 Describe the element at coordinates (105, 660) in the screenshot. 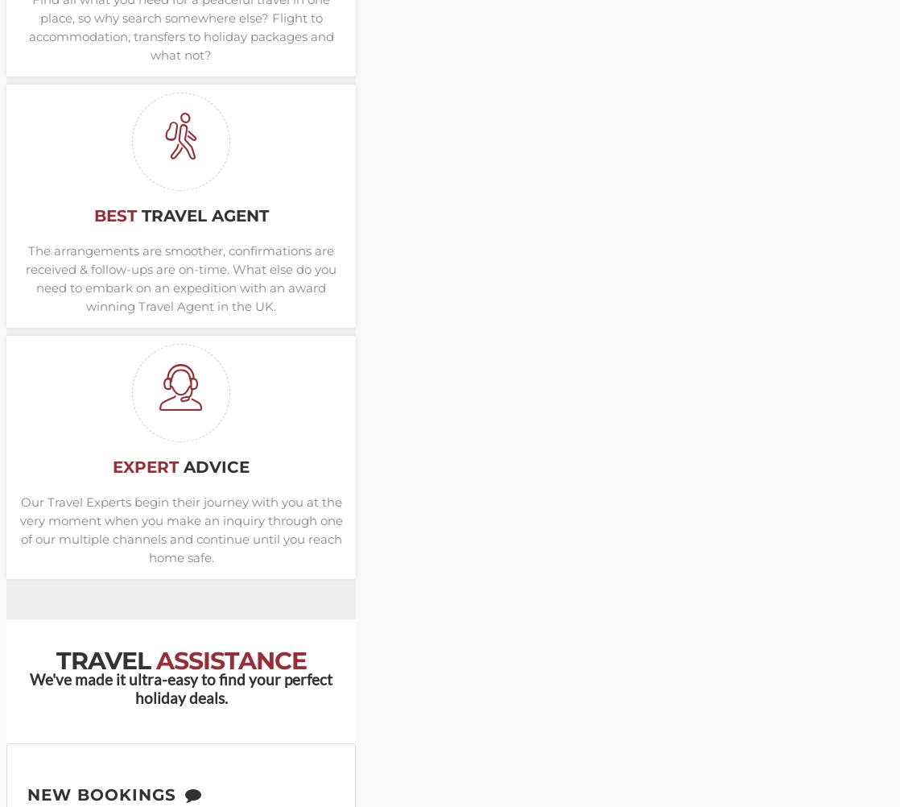

I see `'Travel'` at that location.